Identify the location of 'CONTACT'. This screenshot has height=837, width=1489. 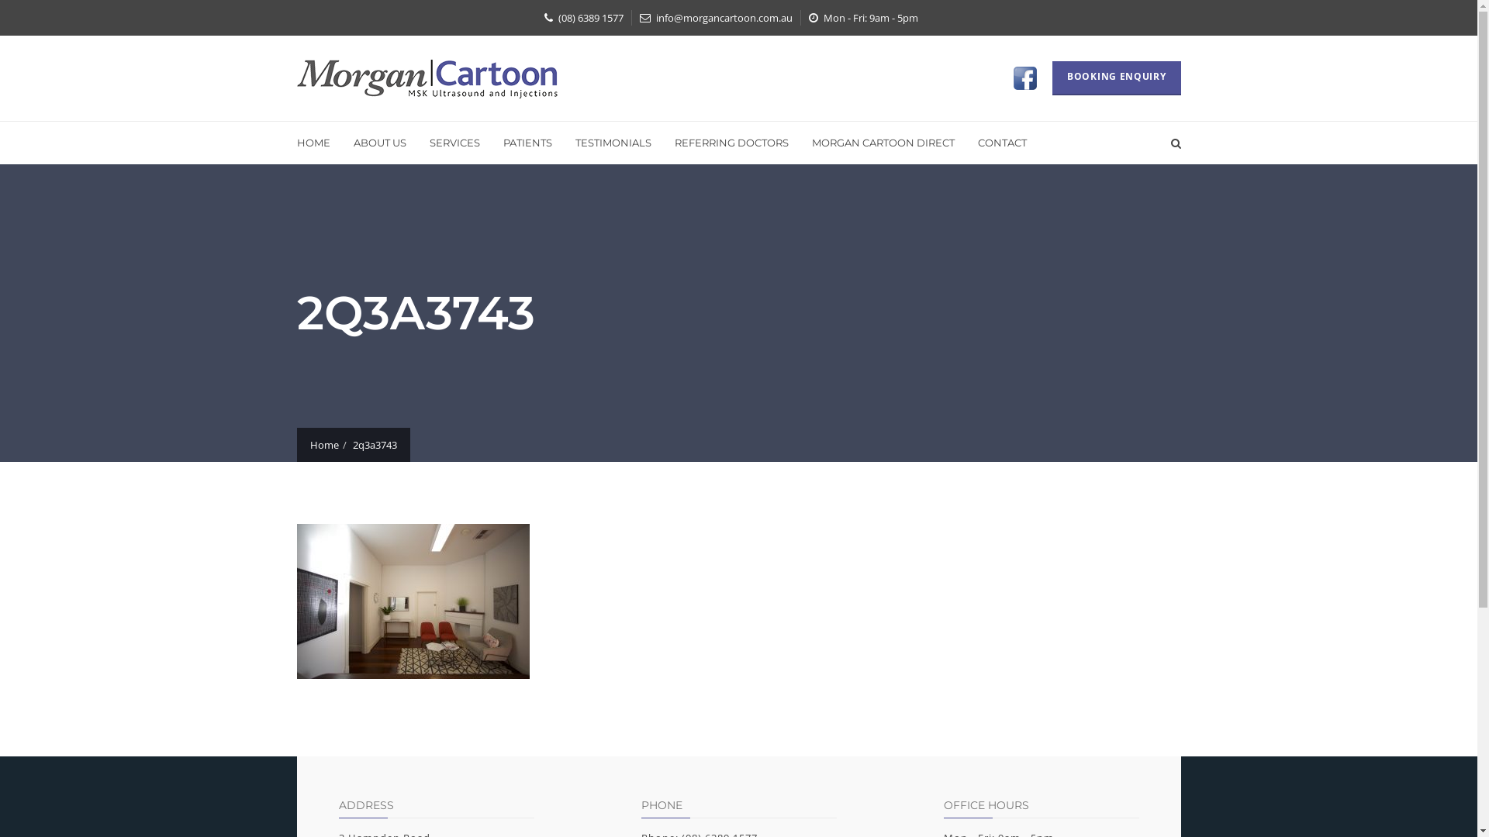
(966, 143).